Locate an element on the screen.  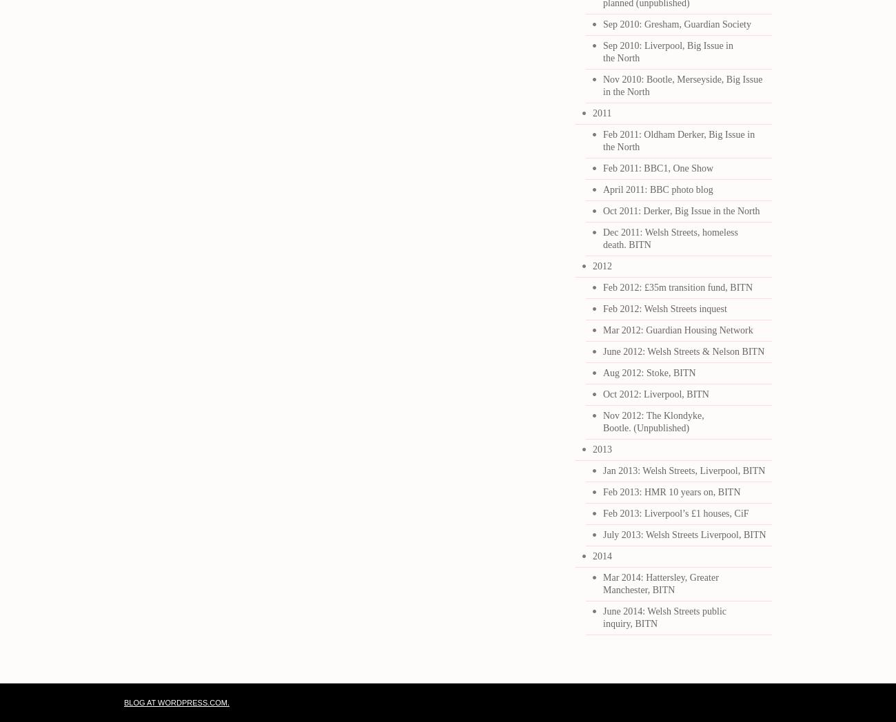
'Feb 2012: Welsh Streets inquest' is located at coordinates (664, 308).